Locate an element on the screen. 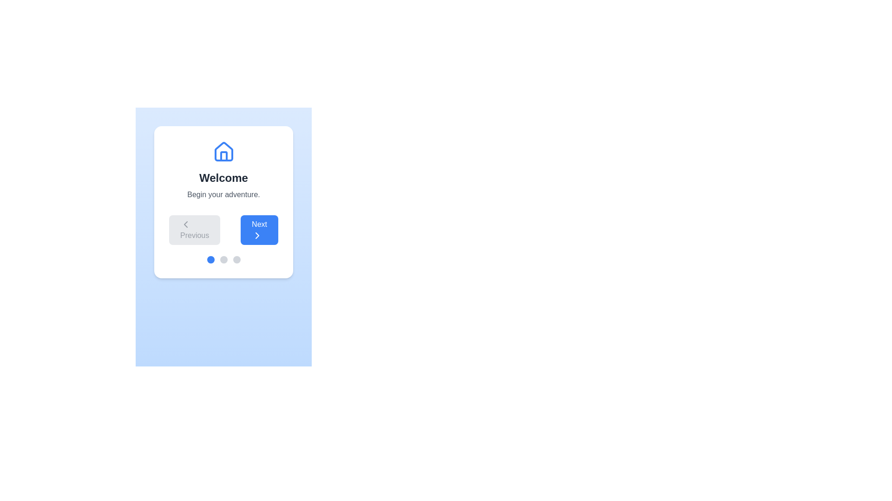 Image resolution: width=892 pixels, height=501 pixels. the 'Next' button to proceed to the next step is located at coordinates (259, 230).